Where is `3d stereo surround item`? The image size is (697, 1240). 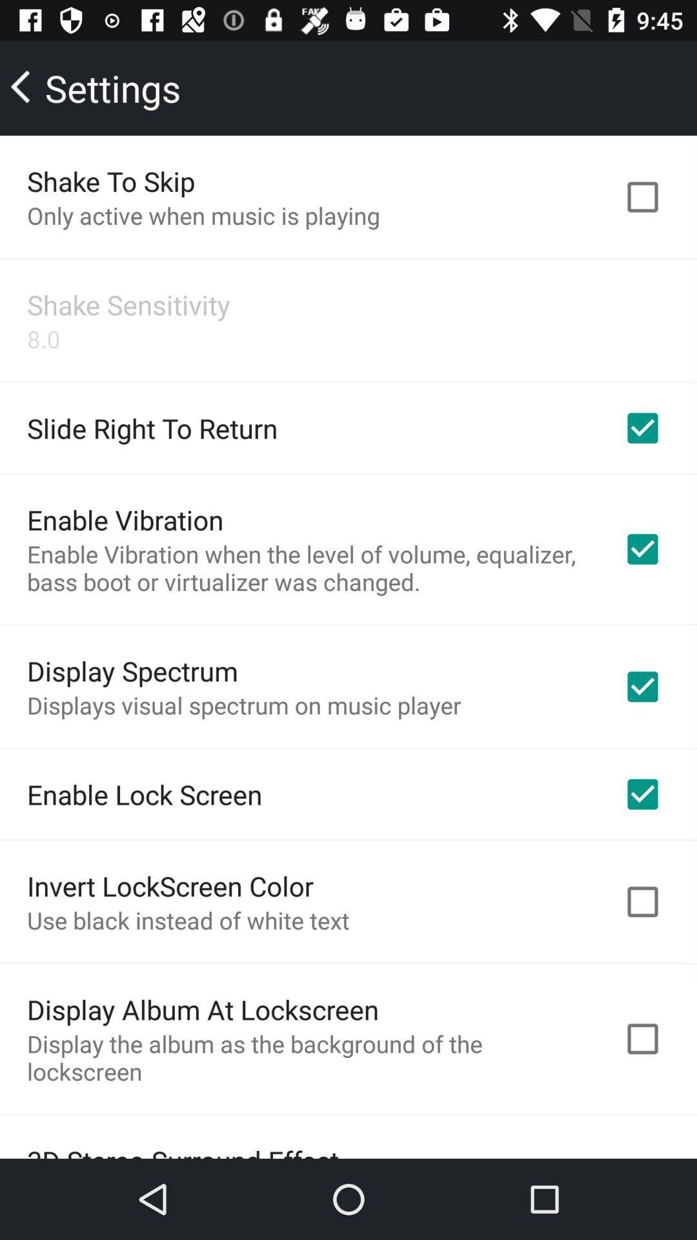
3d stereo surround item is located at coordinates (183, 1150).